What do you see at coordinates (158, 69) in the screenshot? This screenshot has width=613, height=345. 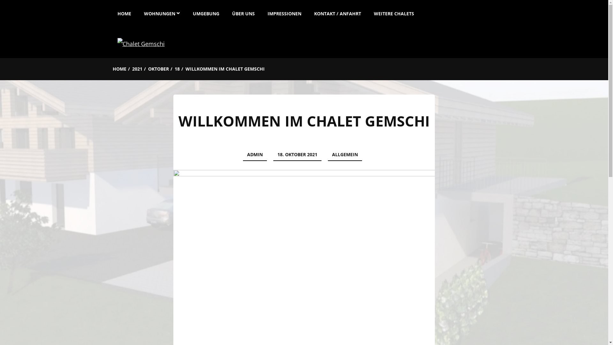 I see `'OKTOBER'` at bounding box center [158, 69].